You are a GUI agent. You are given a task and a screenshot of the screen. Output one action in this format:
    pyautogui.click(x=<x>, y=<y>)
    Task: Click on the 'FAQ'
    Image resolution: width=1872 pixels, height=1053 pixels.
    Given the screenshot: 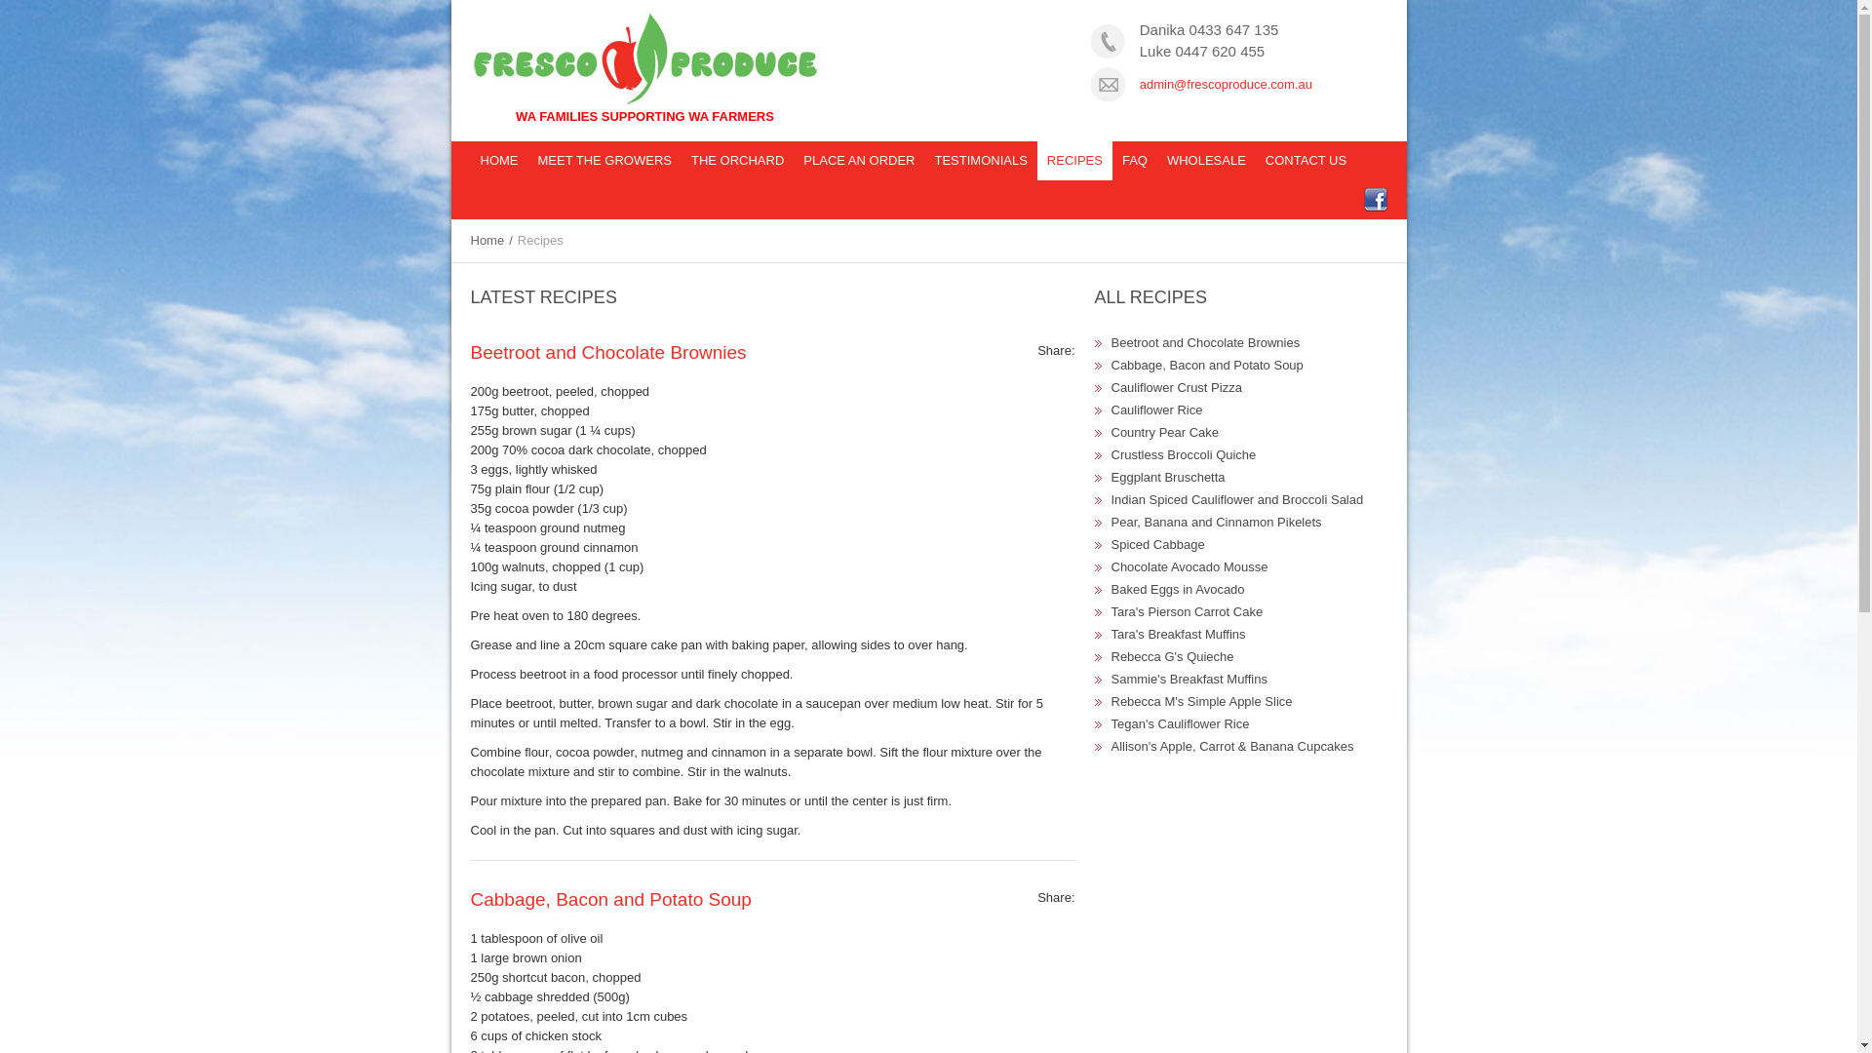 What is the action you would take?
    pyautogui.click(x=1134, y=160)
    